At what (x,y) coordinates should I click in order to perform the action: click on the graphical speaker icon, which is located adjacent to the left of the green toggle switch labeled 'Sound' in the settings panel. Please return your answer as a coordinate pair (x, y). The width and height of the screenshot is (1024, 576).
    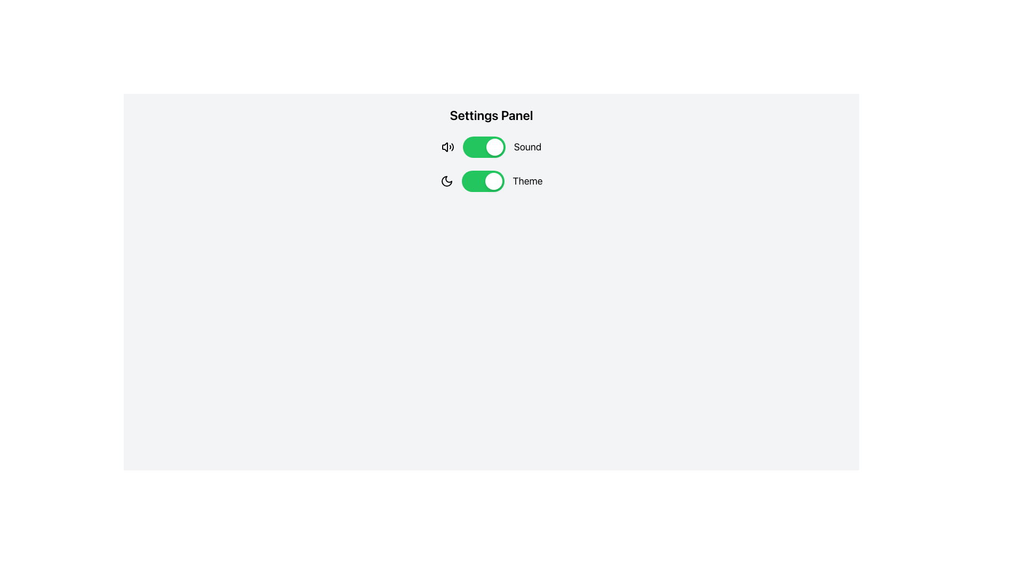
    Looking at the image, I should click on (447, 147).